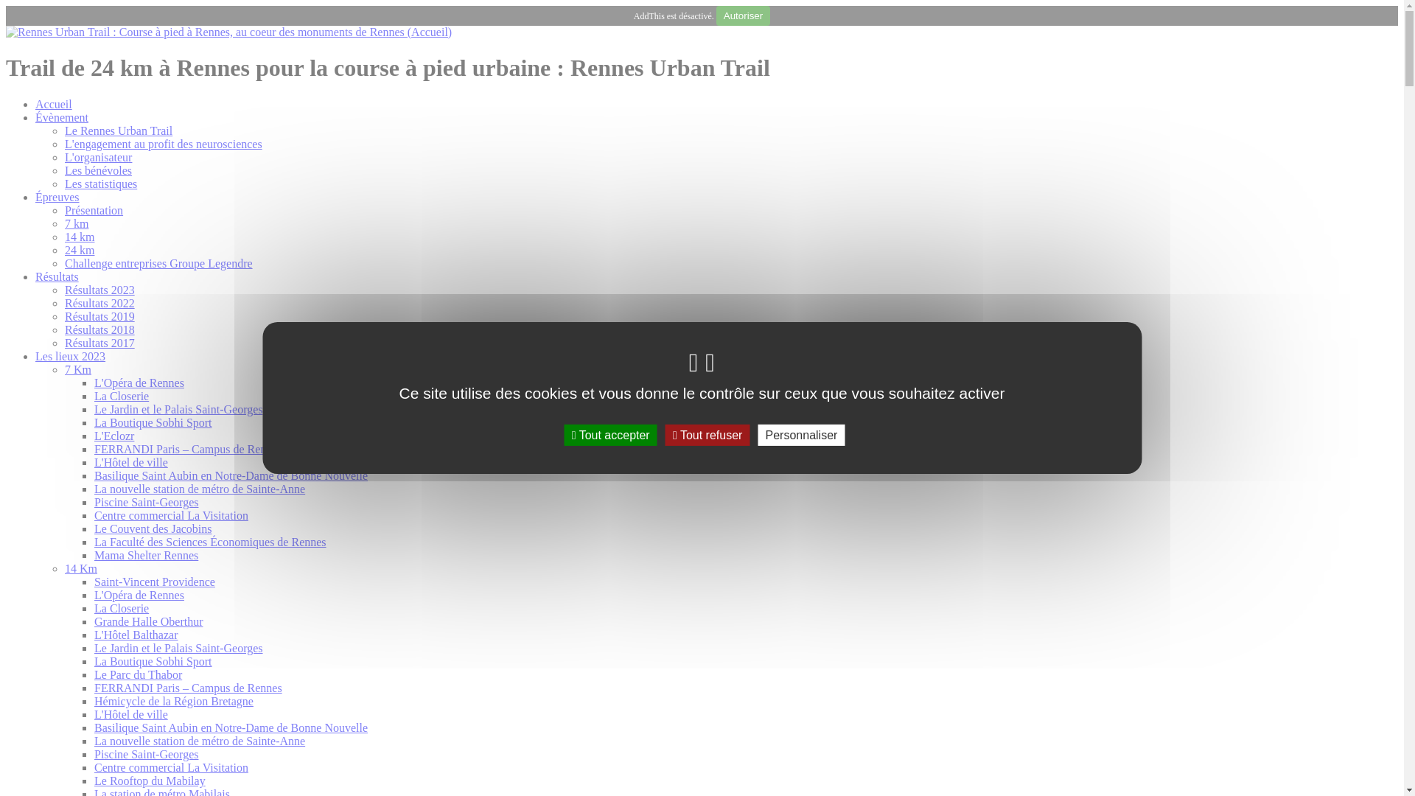 Image resolution: width=1415 pixels, height=796 pixels. Describe the element at coordinates (63, 183) in the screenshot. I see `'Les statistiques'` at that location.